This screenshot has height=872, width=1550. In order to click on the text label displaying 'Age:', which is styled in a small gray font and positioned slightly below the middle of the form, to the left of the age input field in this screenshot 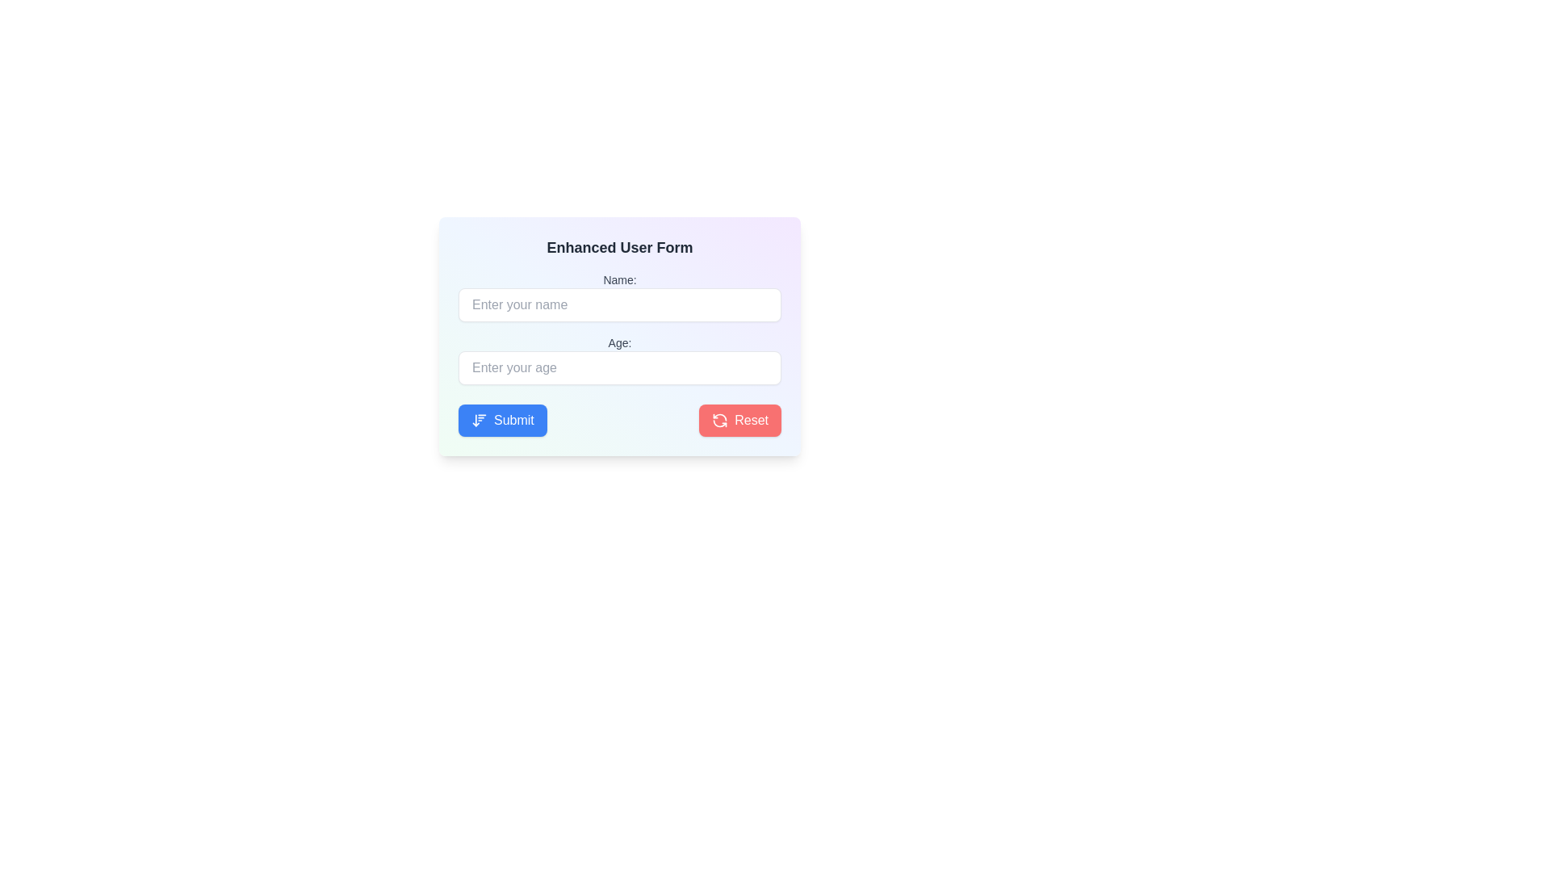, I will do `click(619, 342)`.